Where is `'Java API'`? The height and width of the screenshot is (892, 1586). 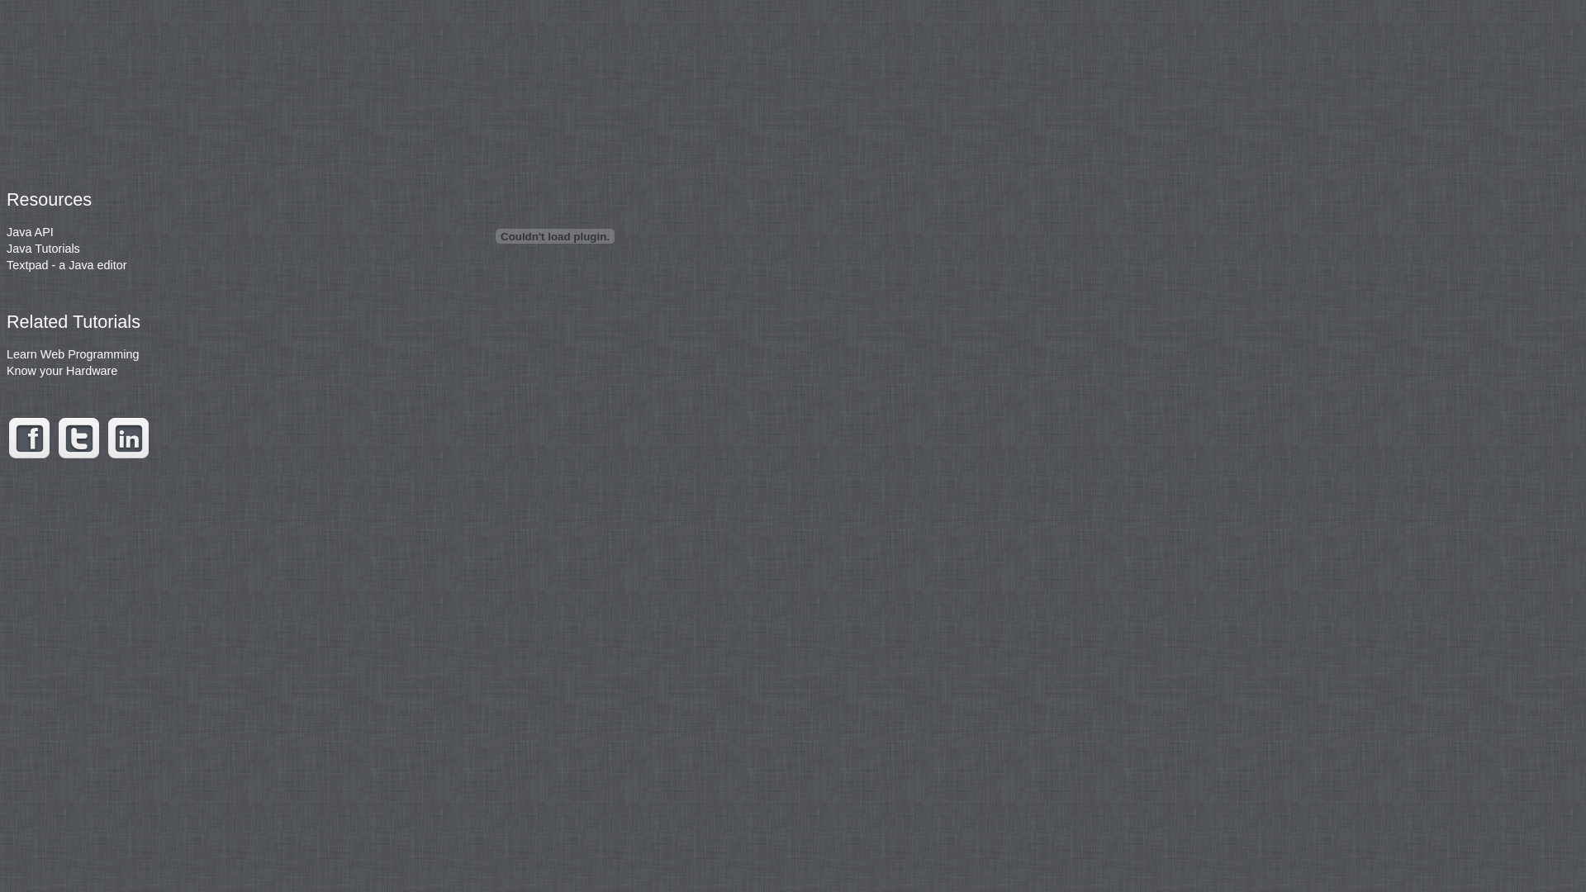
'Java API' is located at coordinates (30, 232).